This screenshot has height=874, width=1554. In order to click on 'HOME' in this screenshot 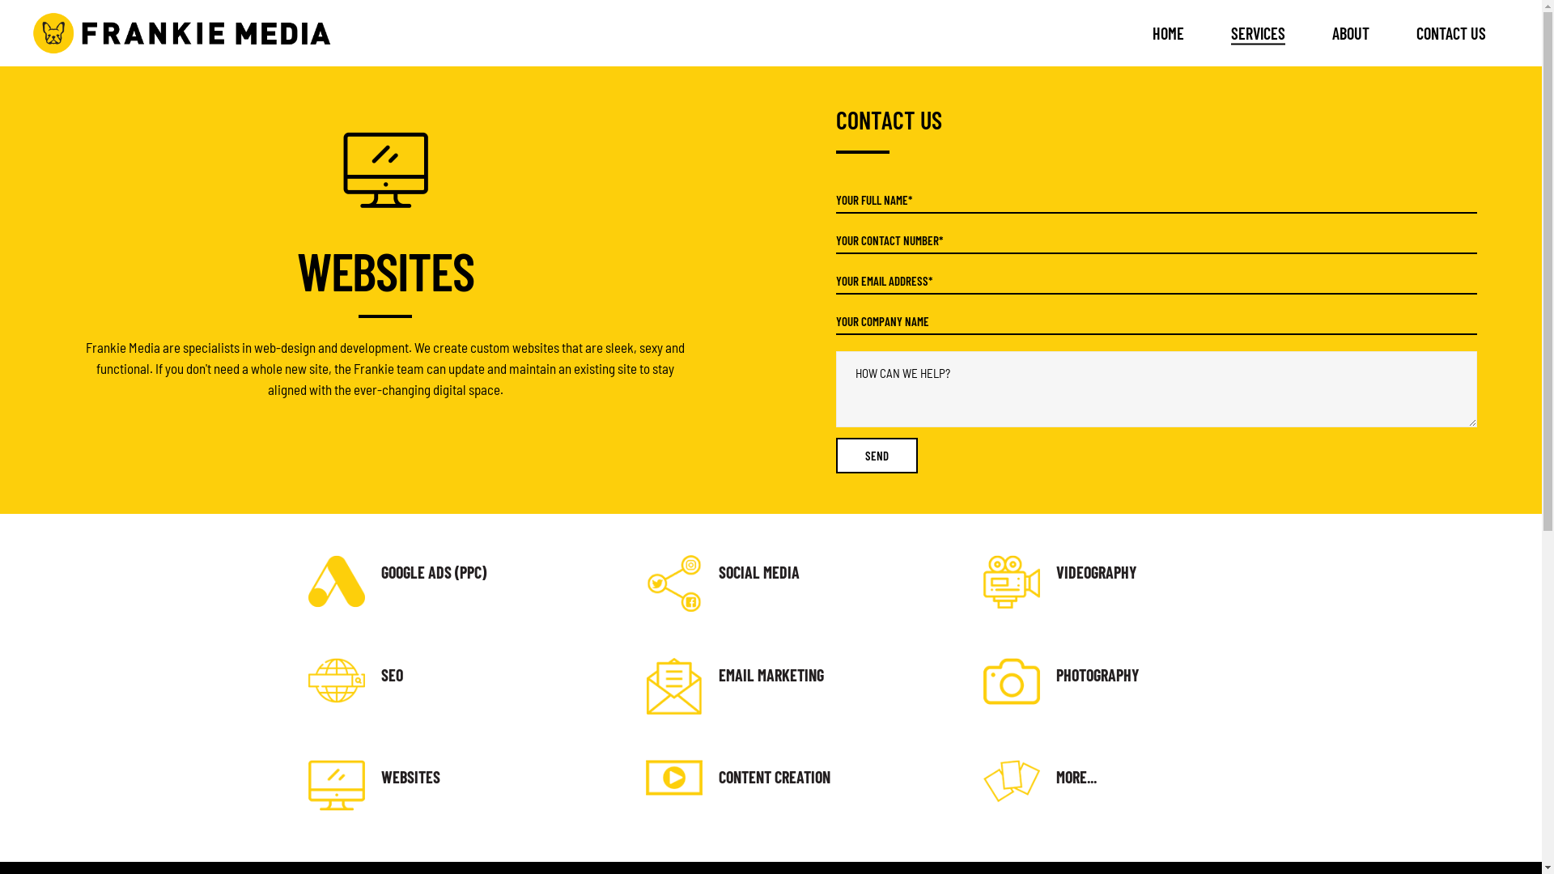, I will do `click(1128, 33)`.